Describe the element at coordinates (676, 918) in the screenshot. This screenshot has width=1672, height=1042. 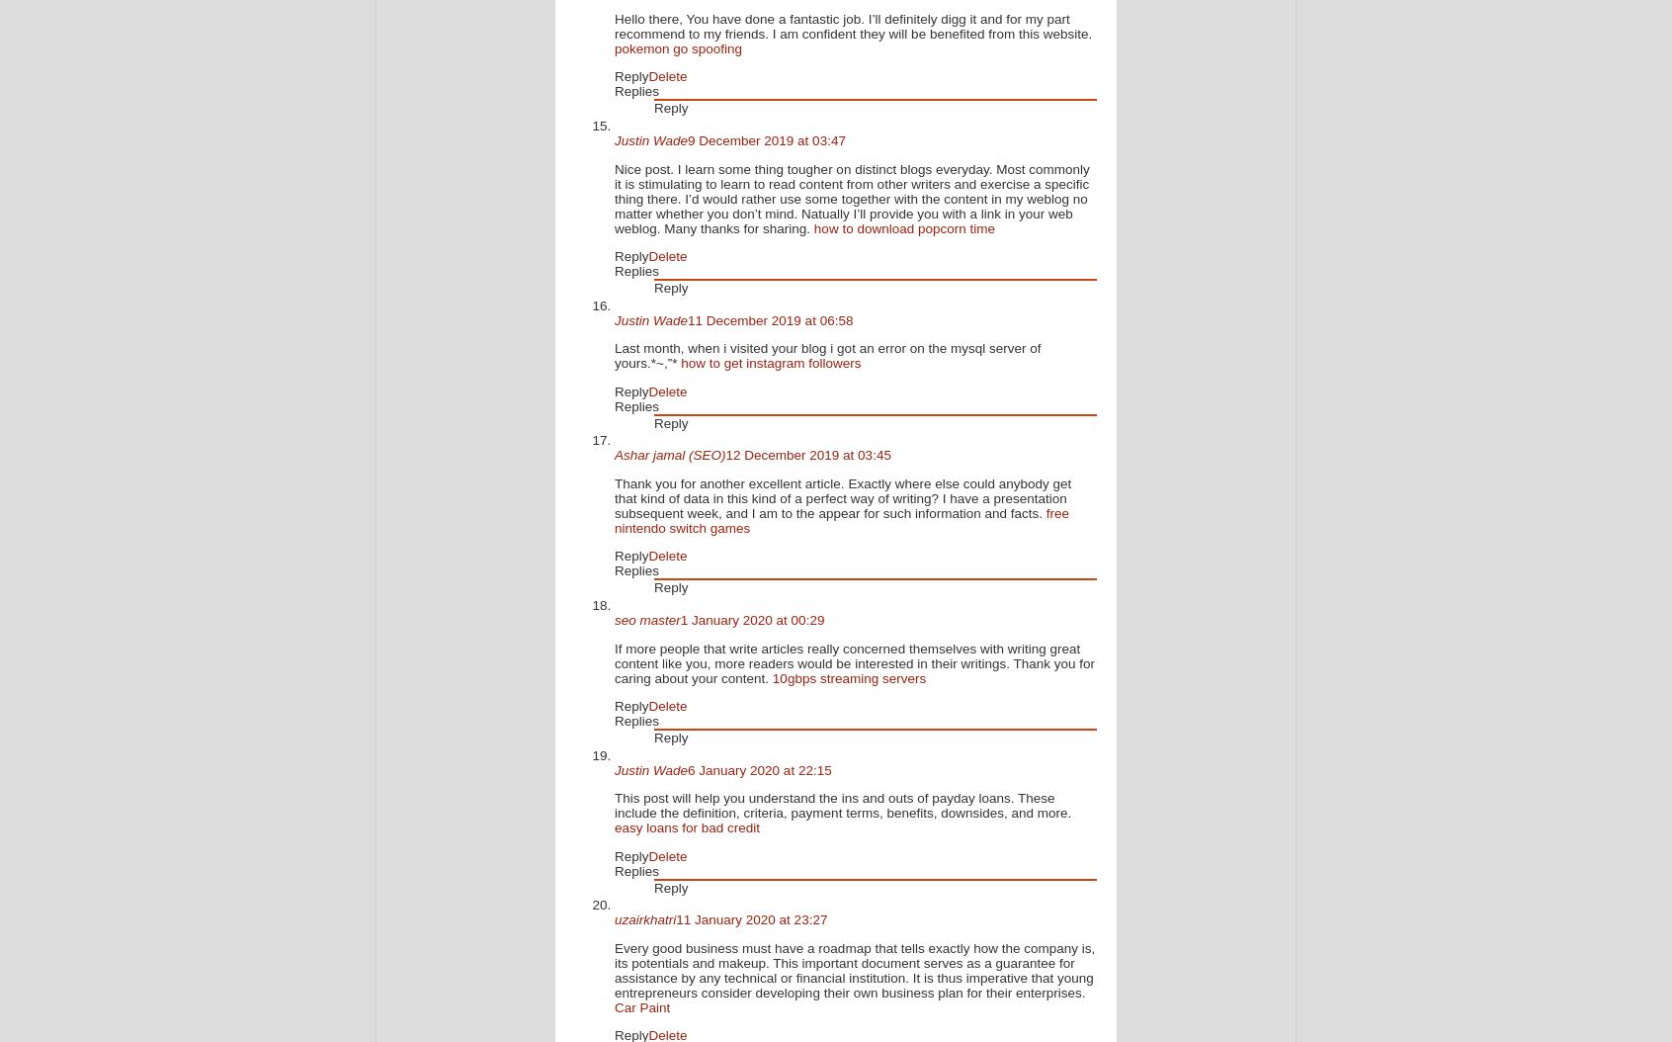
I see `'11 January 2020 at 23:27'` at that location.